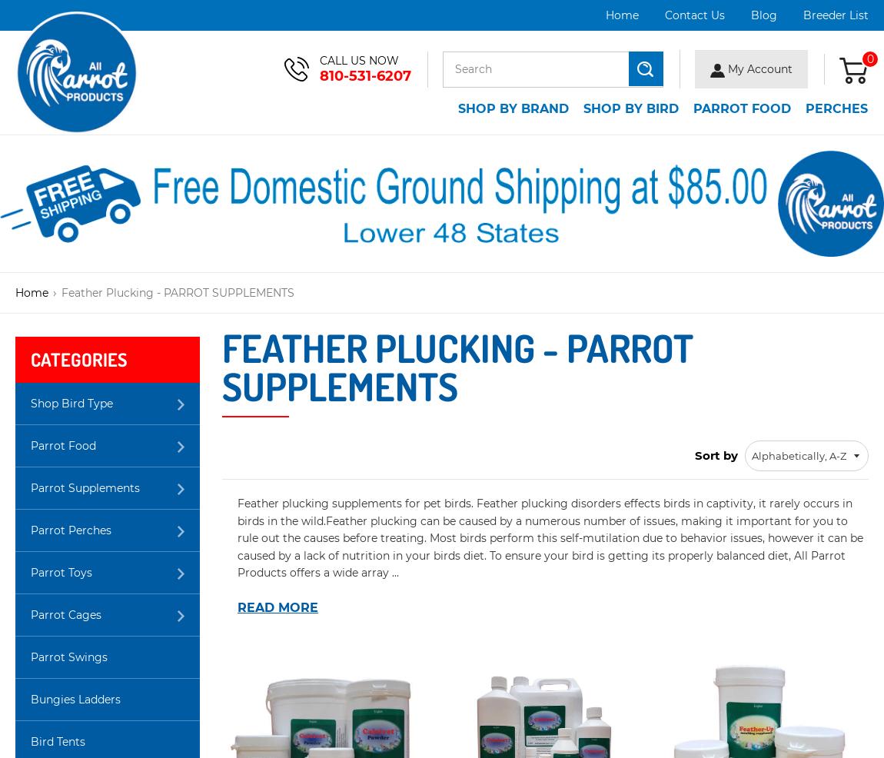 This screenshot has width=884, height=758. I want to click on 'Sort by', so click(695, 454).